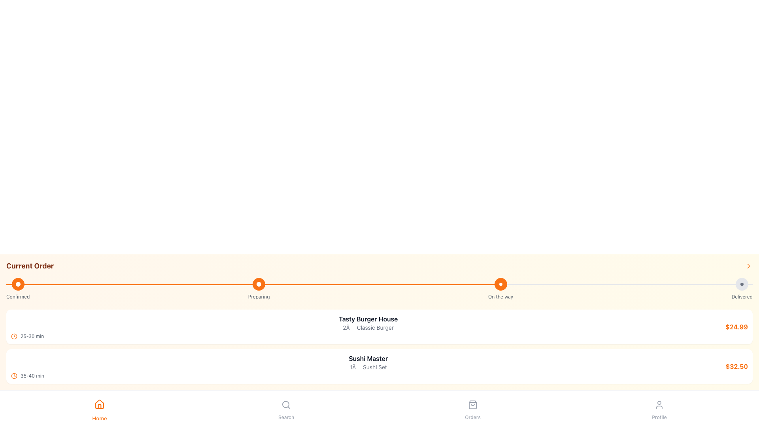 The width and height of the screenshot is (759, 427). What do you see at coordinates (99, 406) in the screenshot?
I see `the vertical line of the house icon located in the navigation bar at the bottom left of the interface` at bounding box center [99, 406].